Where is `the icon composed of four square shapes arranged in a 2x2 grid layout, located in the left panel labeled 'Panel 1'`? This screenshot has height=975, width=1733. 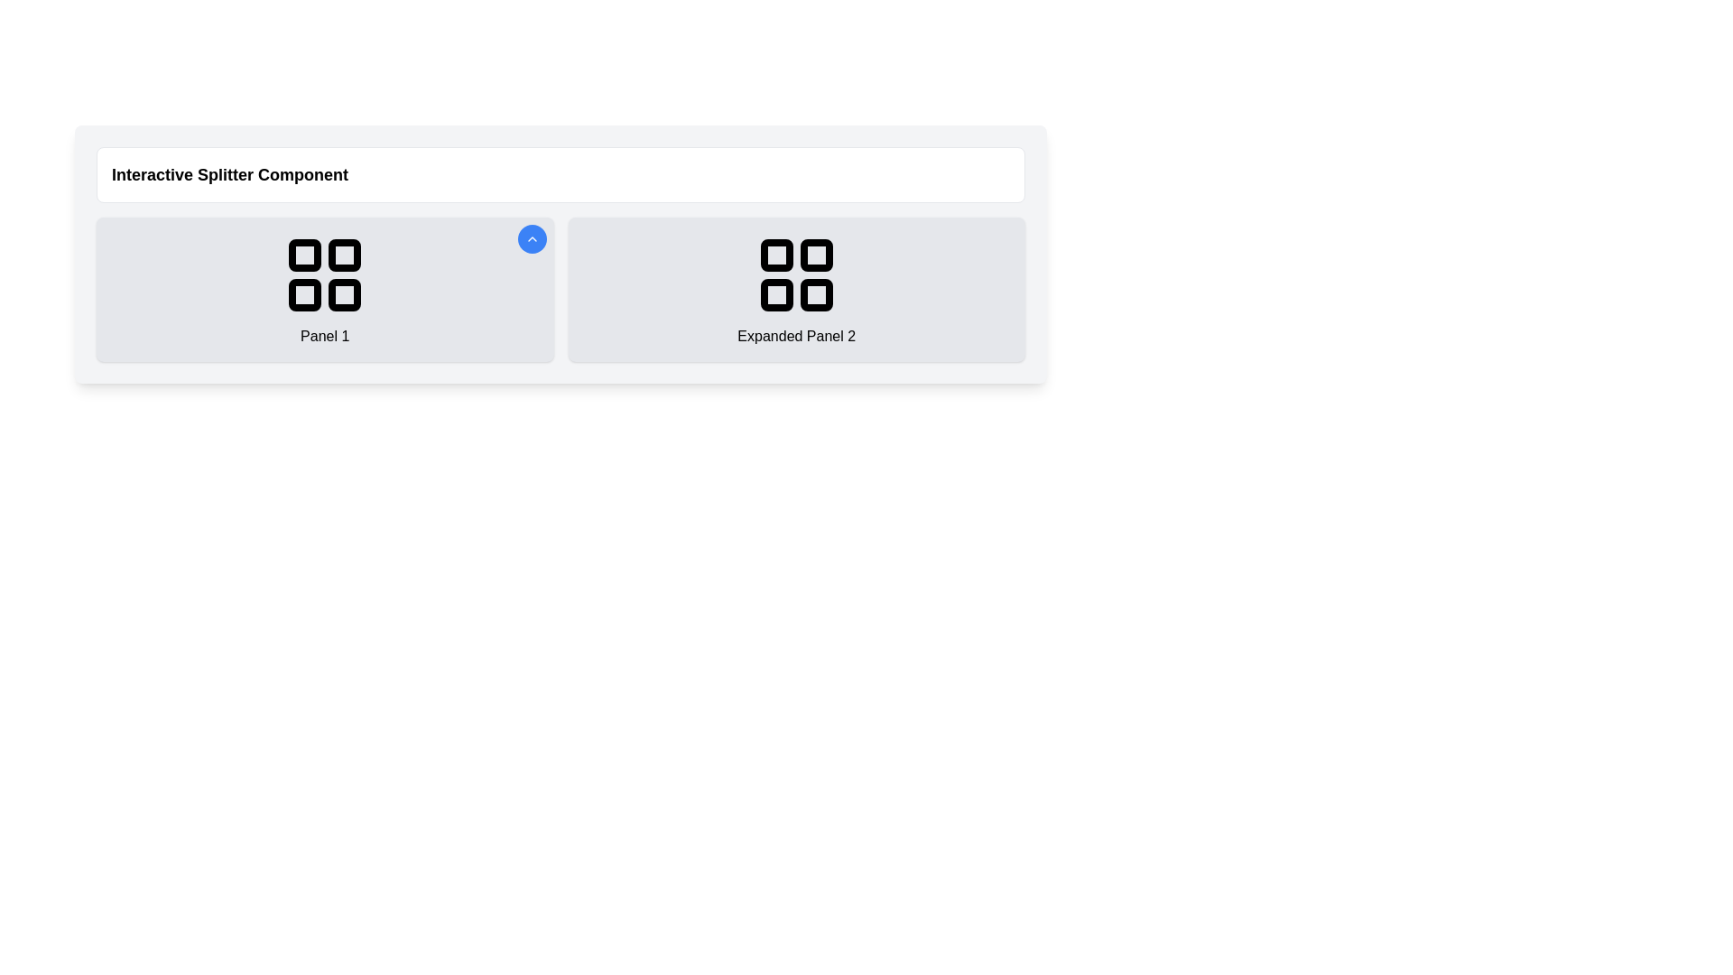
the icon composed of four square shapes arranged in a 2x2 grid layout, located in the left panel labeled 'Panel 1' is located at coordinates (325, 274).